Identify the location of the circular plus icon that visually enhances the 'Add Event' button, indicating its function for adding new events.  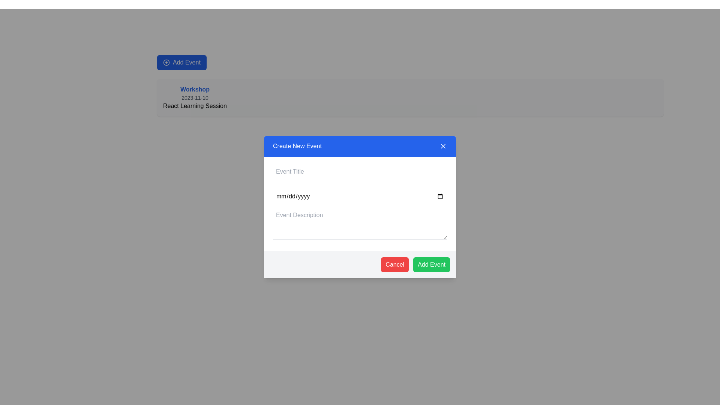
(166, 62).